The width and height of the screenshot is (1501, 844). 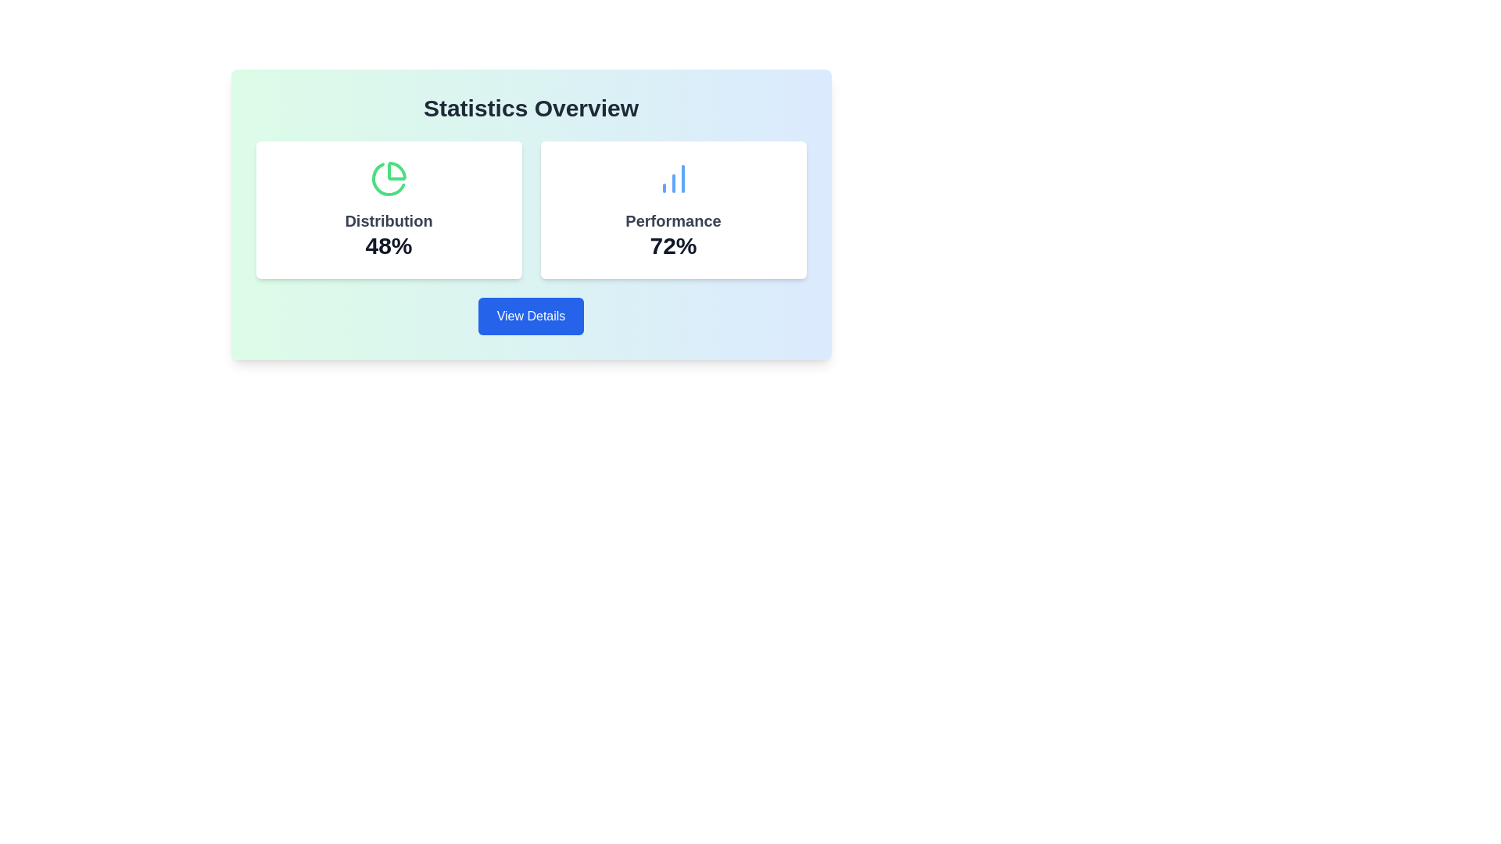 What do you see at coordinates (531, 316) in the screenshot?
I see `the call-to-action button located beneath the 'Distribution' and 'Performance' sections for keyboard navigation` at bounding box center [531, 316].